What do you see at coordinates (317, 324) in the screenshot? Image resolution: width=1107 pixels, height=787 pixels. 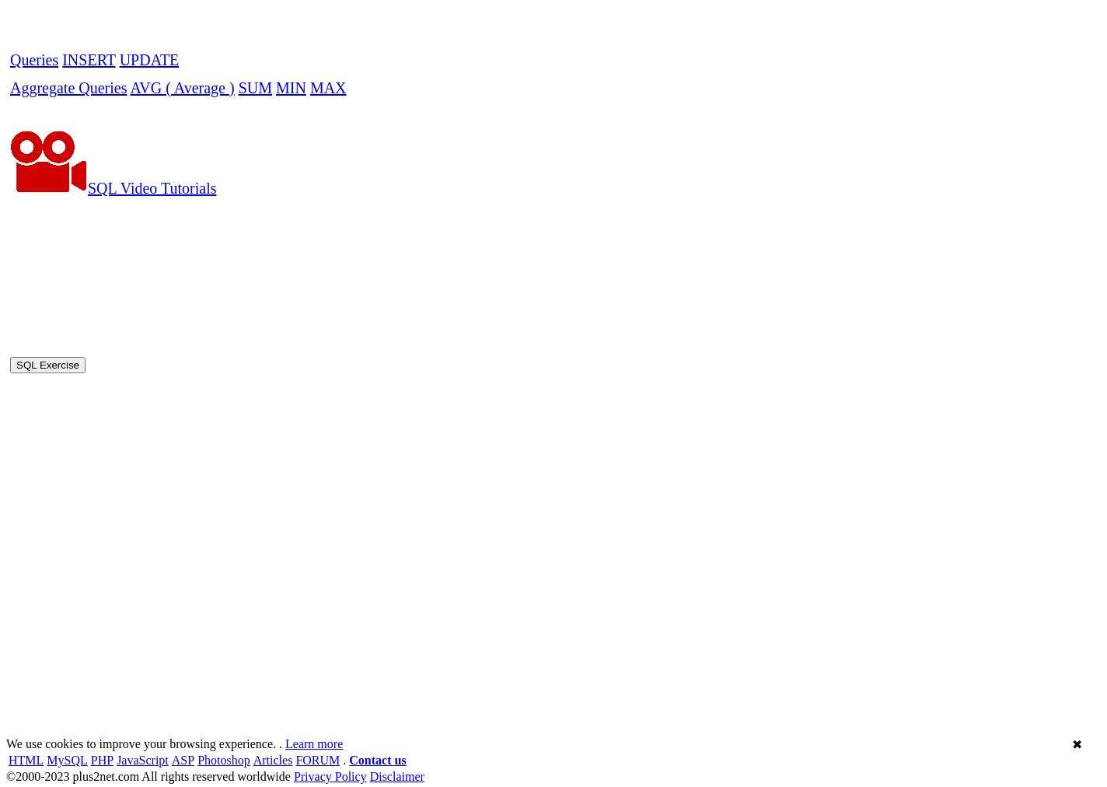 I see `'FORUM'` at bounding box center [317, 324].